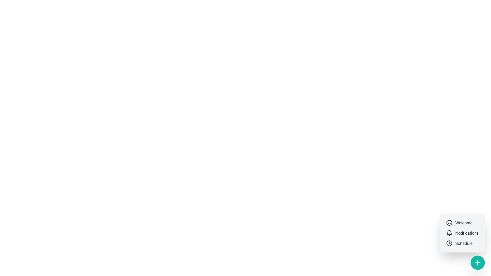 Image resolution: width=491 pixels, height=276 pixels. Describe the element at coordinates (449, 233) in the screenshot. I see `the small bell icon with a clear outline located adjacent to the text label 'Notifications'` at that location.